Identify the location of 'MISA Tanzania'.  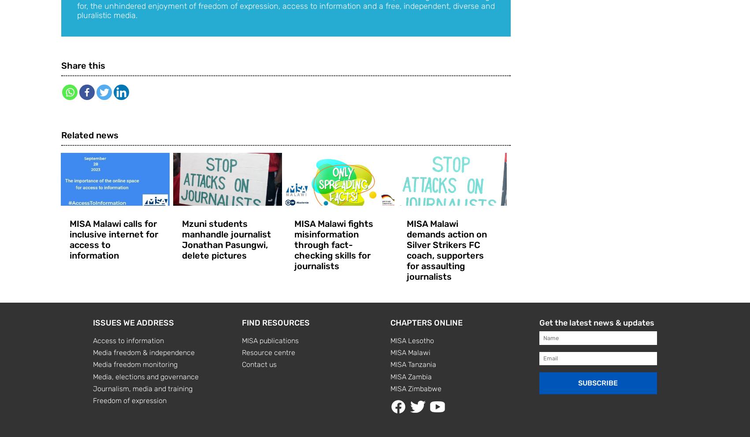
(390, 364).